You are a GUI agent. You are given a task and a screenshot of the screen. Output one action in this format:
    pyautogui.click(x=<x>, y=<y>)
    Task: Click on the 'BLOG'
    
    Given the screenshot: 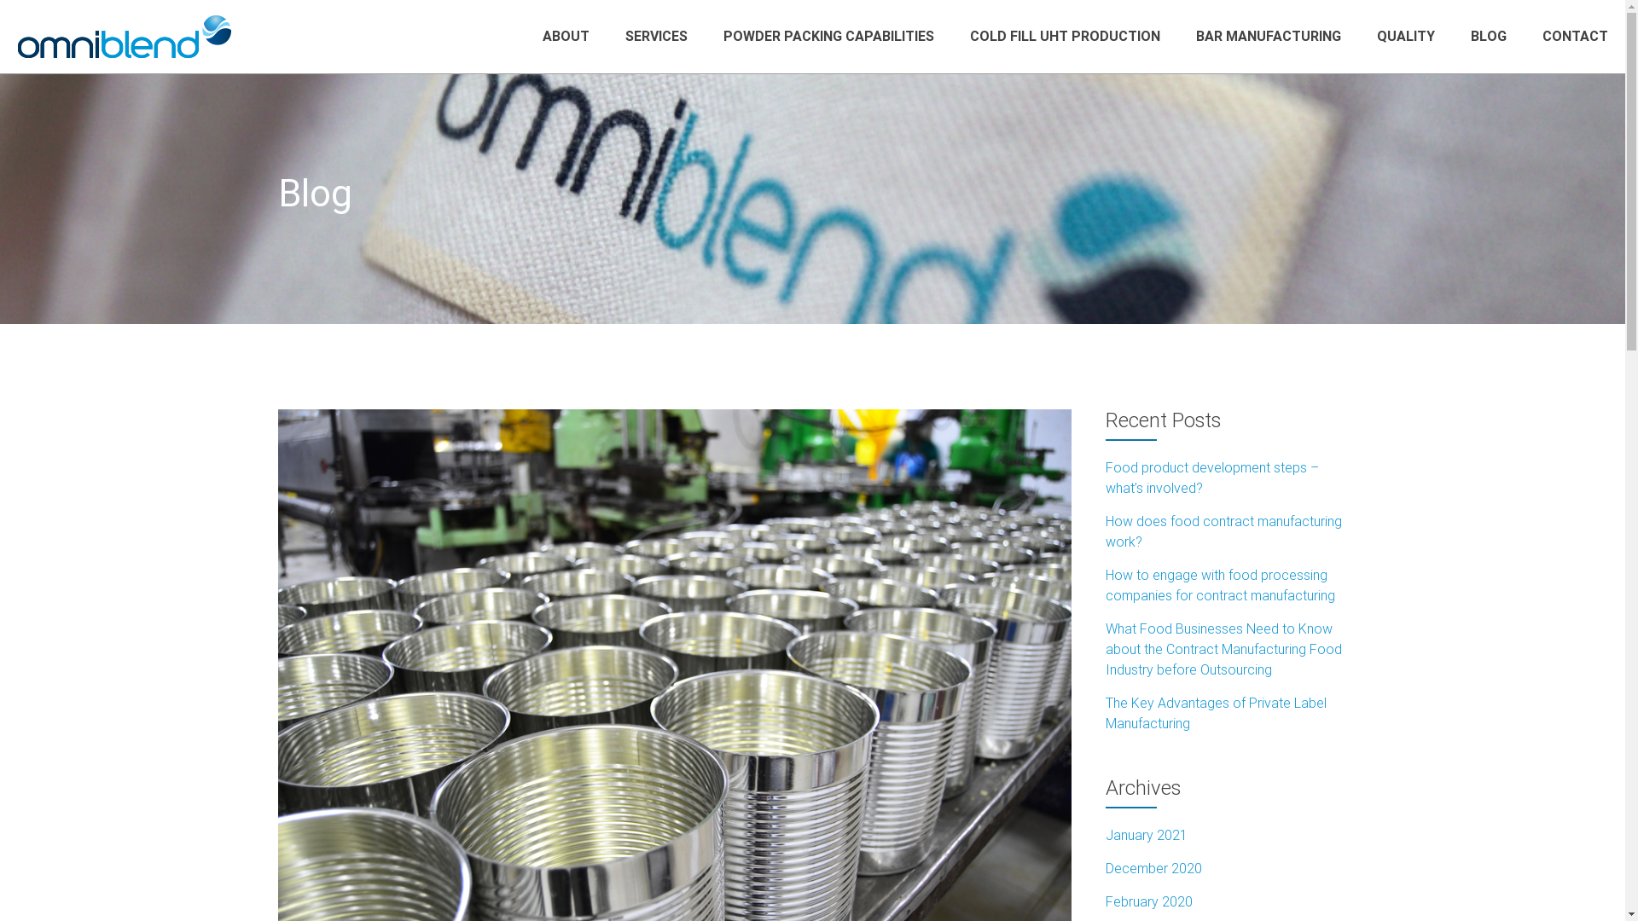 What is the action you would take?
    pyautogui.click(x=1488, y=36)
    